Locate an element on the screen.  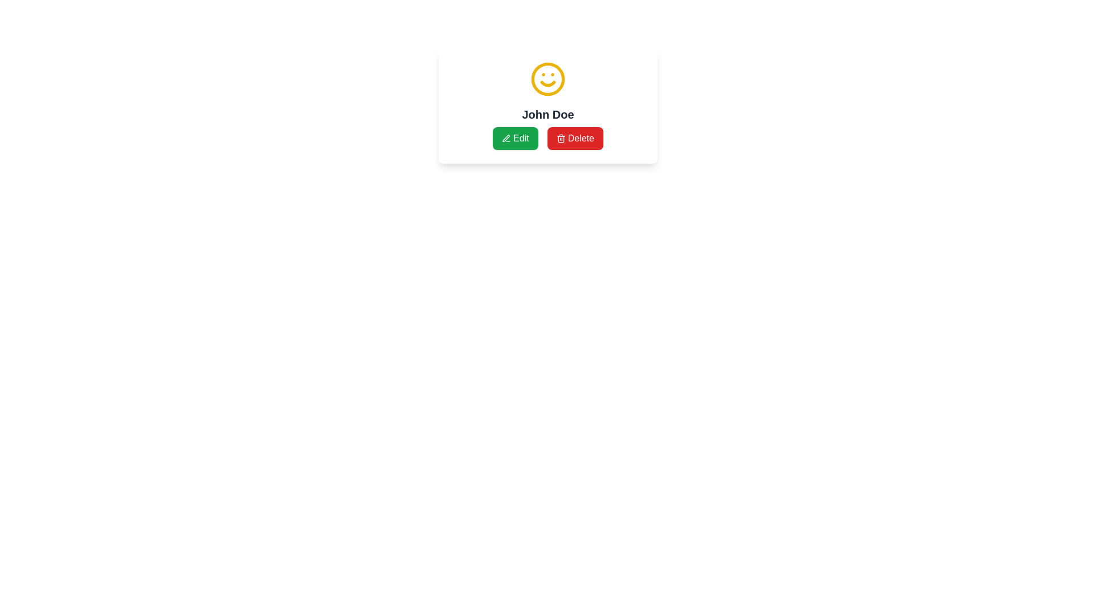
the pen-shaped icon inside the green 'Edit' button, located to the left of the red 'Delete' button is located at coordinates (505, 137).